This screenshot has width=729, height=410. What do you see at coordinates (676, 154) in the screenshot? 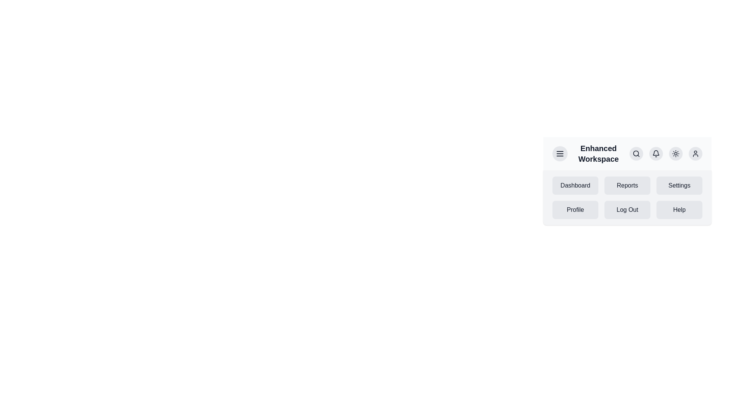
I see `the sun icon button to toggle between light and dark modes` at bounding box center [676, 154].